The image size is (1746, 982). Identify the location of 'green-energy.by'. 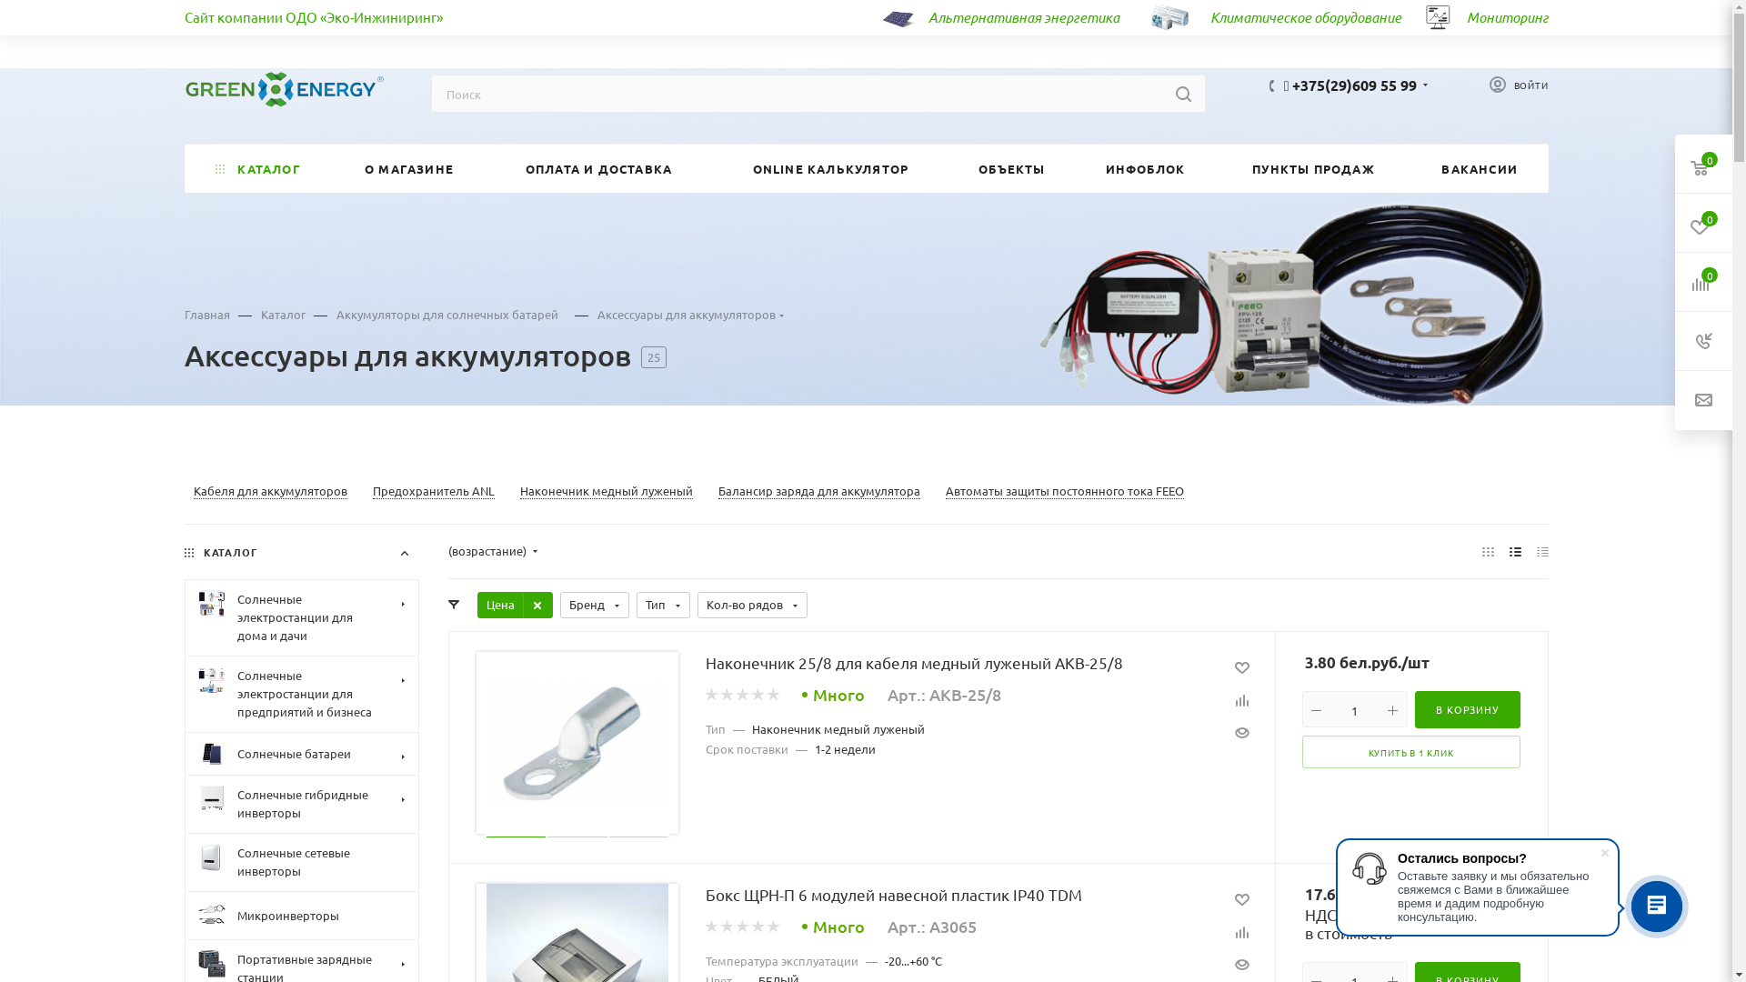
(283, 90).